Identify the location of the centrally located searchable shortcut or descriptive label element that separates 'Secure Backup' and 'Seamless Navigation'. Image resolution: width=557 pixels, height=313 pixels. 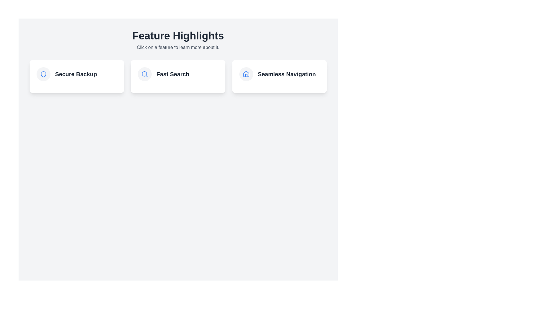
(178, 74).